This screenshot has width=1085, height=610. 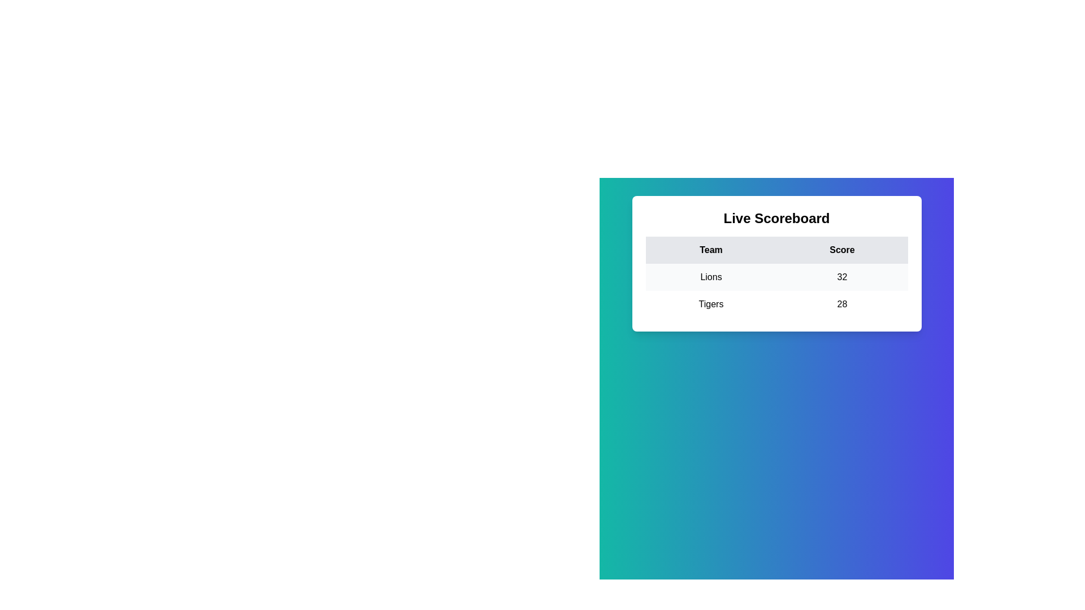 I want to click on the first table row representing a team and its score in the Live Scoreboard section of the UI, so click(x=776, y=277).